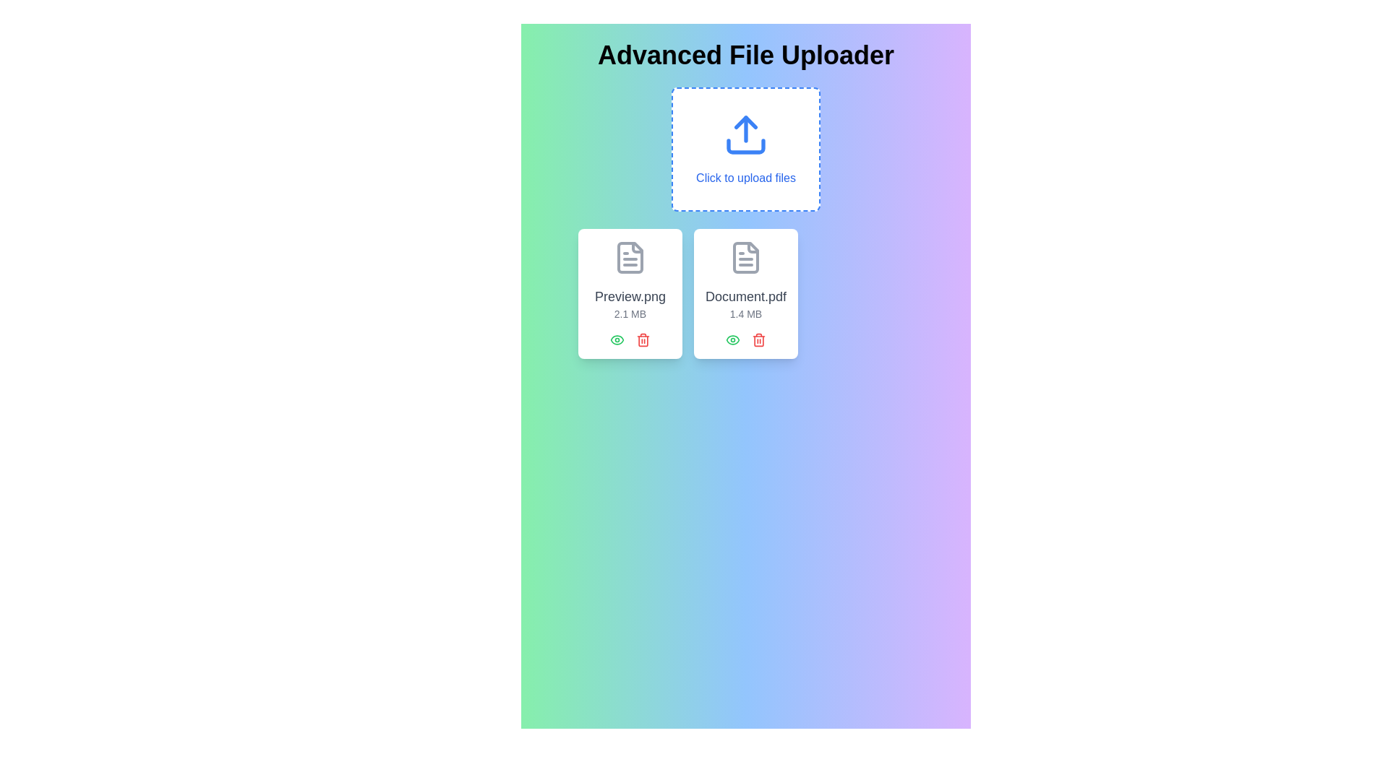 The width and height of the screenshot is (1388, 780). What do you see at coordinates (630, 313) in the screenshot?
I see `the text label indicating the size of the file 'Preview.png'` at bounding box center [630, 313].